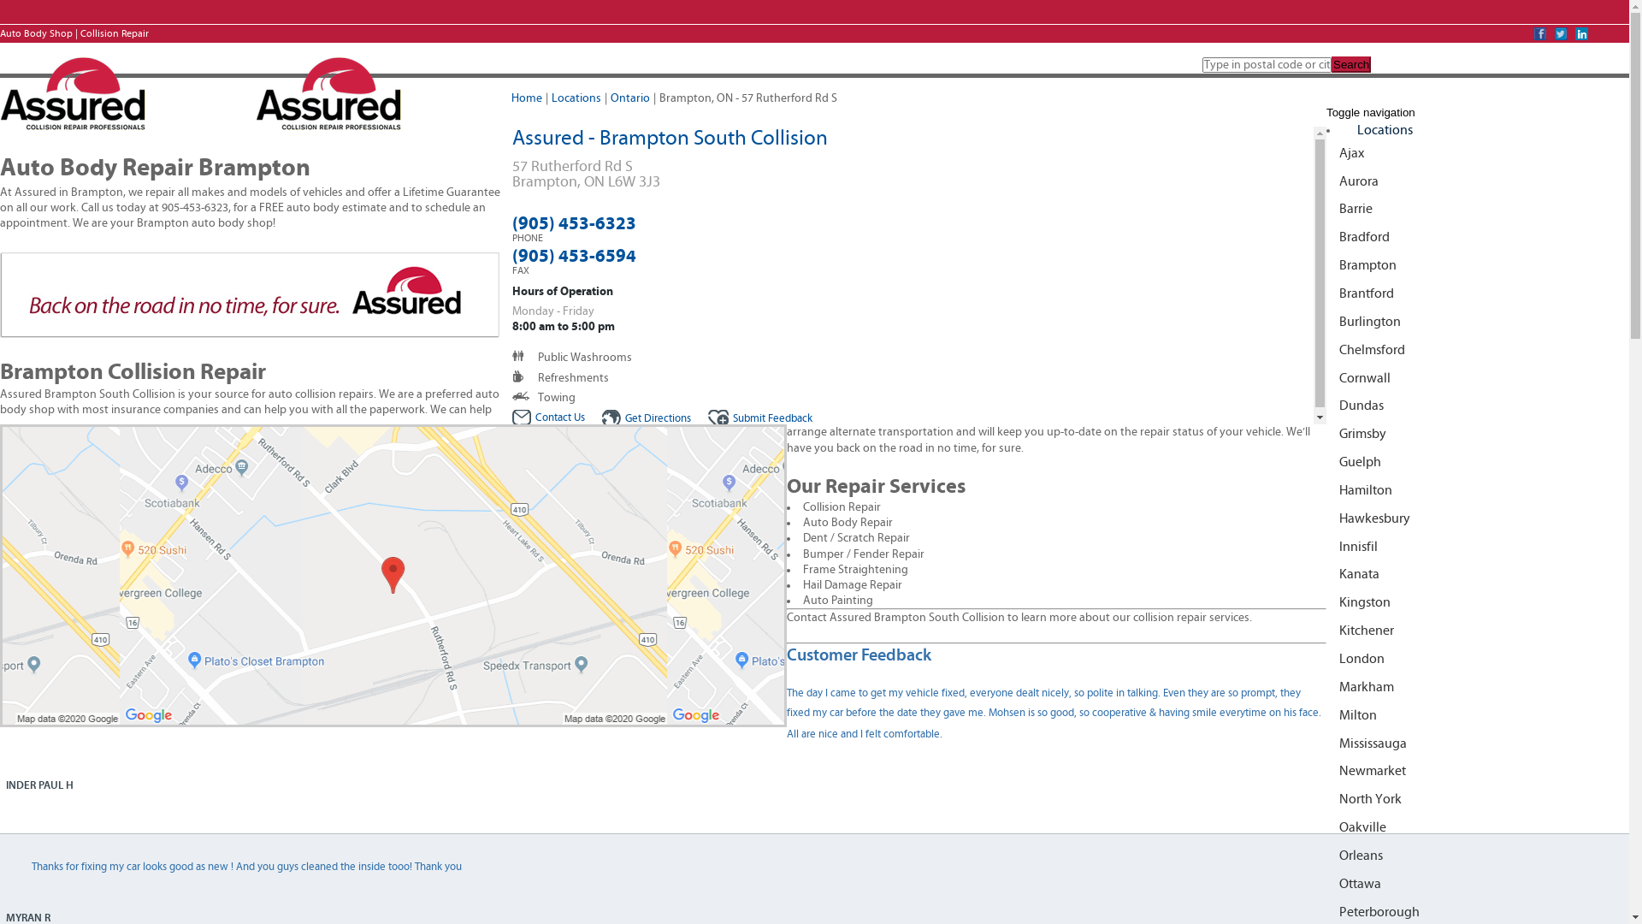 The image size is (1642, 924). I want to click on 'Get Directions', so click(602, 418).